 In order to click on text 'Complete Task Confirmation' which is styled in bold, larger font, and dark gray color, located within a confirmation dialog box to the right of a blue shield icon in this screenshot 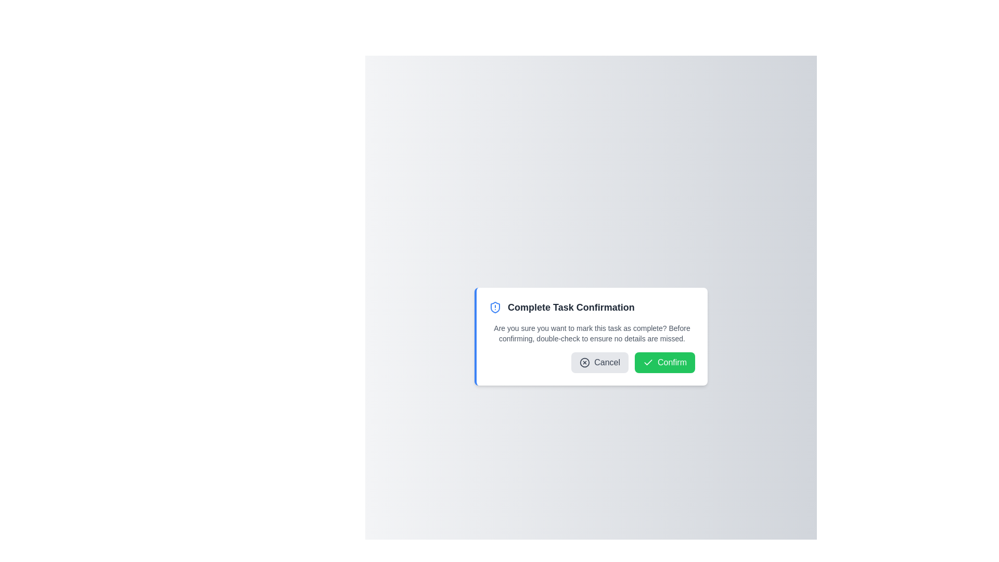, I will do `click(570, 306)`.